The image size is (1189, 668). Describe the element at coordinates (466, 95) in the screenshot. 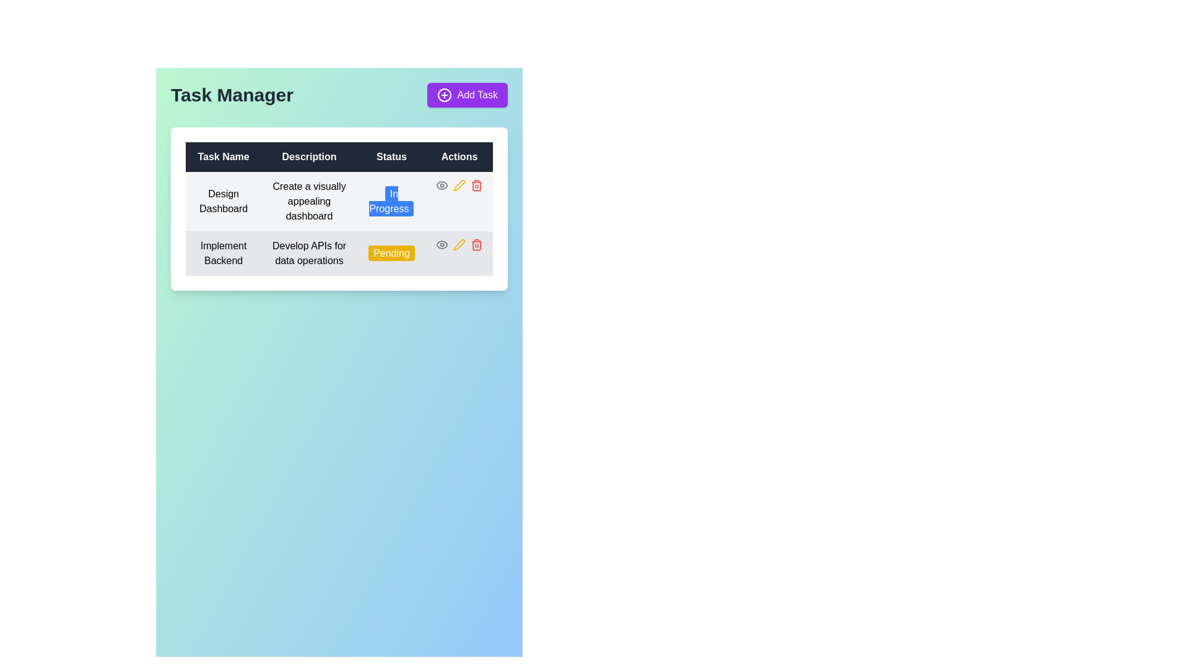

I see `the button located at the top-right corner of the 'Task Manager' header` at that location.